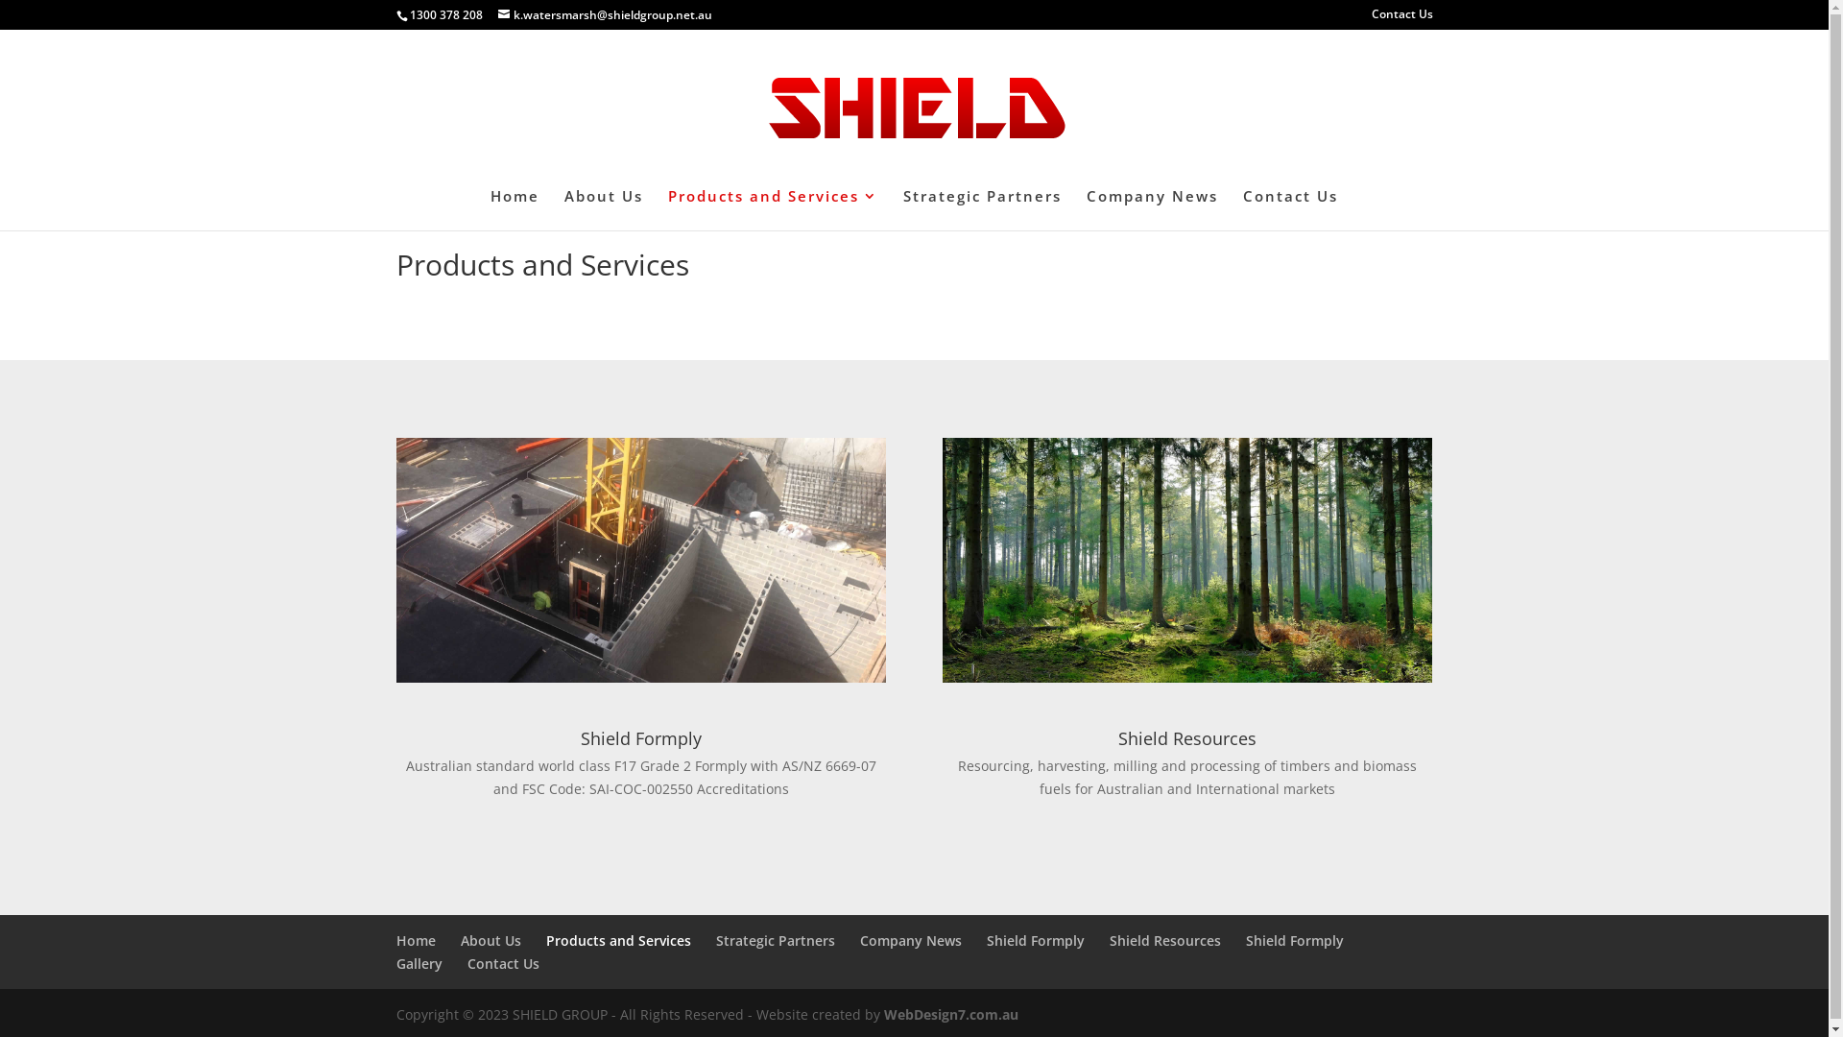 The width and height of the screenshot is (1843, 1037). What do you see at coordinates (882, 1013) in the screenshot?
I see `'WebDesign7.com.au'` at bounding box center [882, 1013].